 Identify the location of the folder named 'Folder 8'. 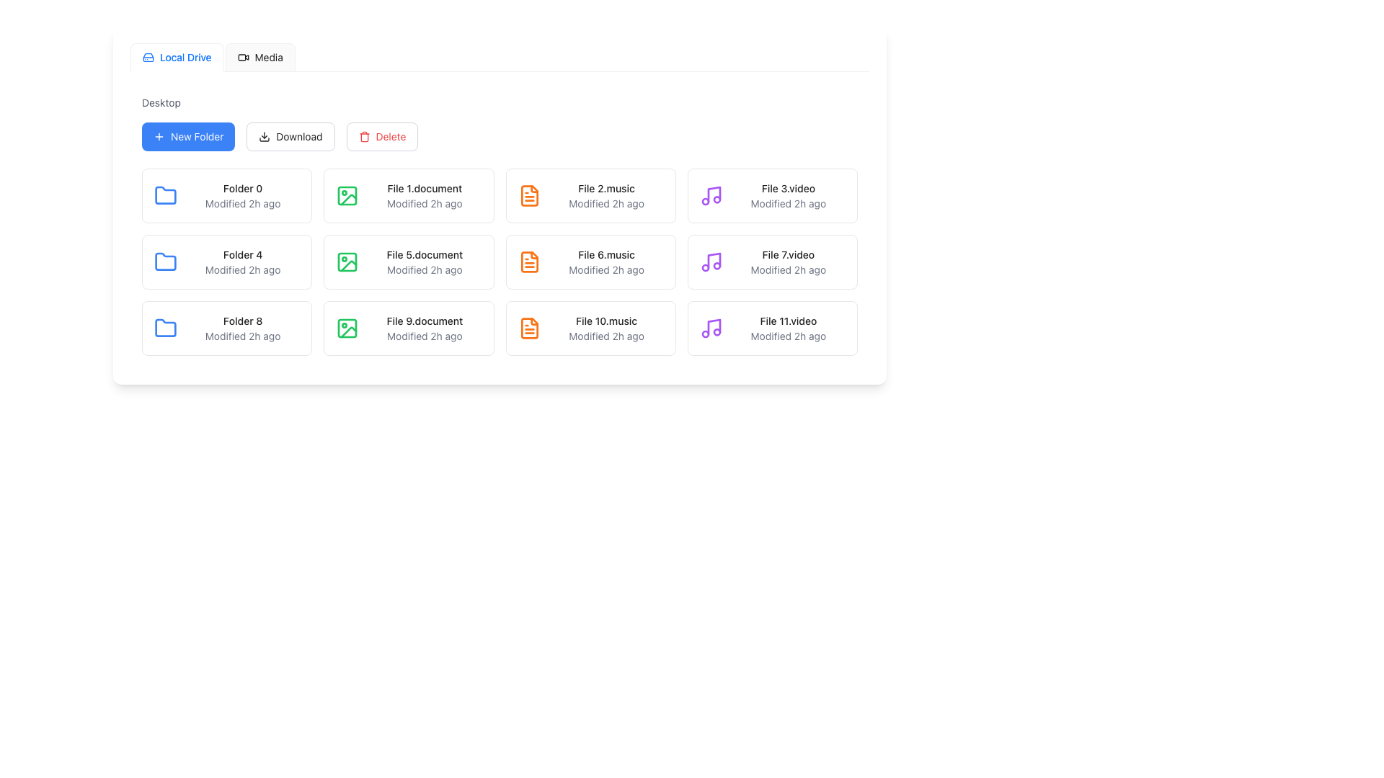
(243, 328).